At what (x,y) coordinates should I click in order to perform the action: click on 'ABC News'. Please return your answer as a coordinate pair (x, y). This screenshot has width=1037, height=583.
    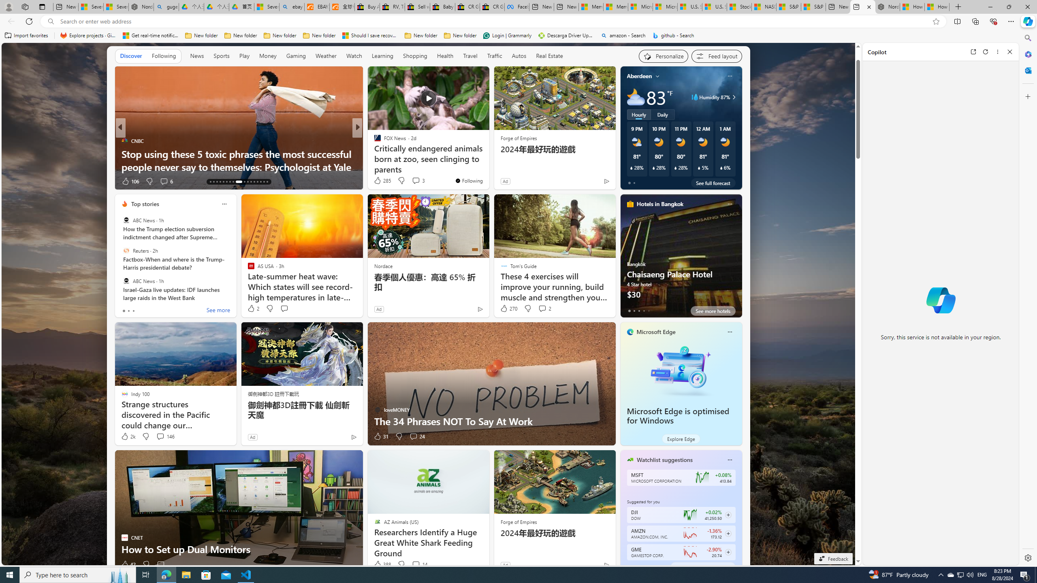
    Looking at the image, I should click on (126, 281).